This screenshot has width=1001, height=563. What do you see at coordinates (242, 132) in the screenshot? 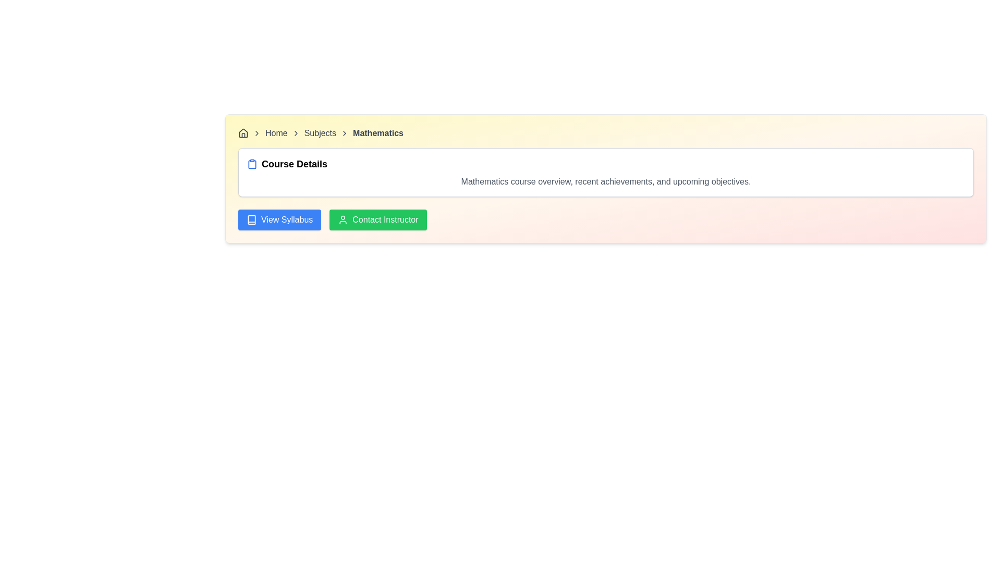
I see `the house icon at the start of the breadcrumb navigation bar` at bounding box center [242, 132].